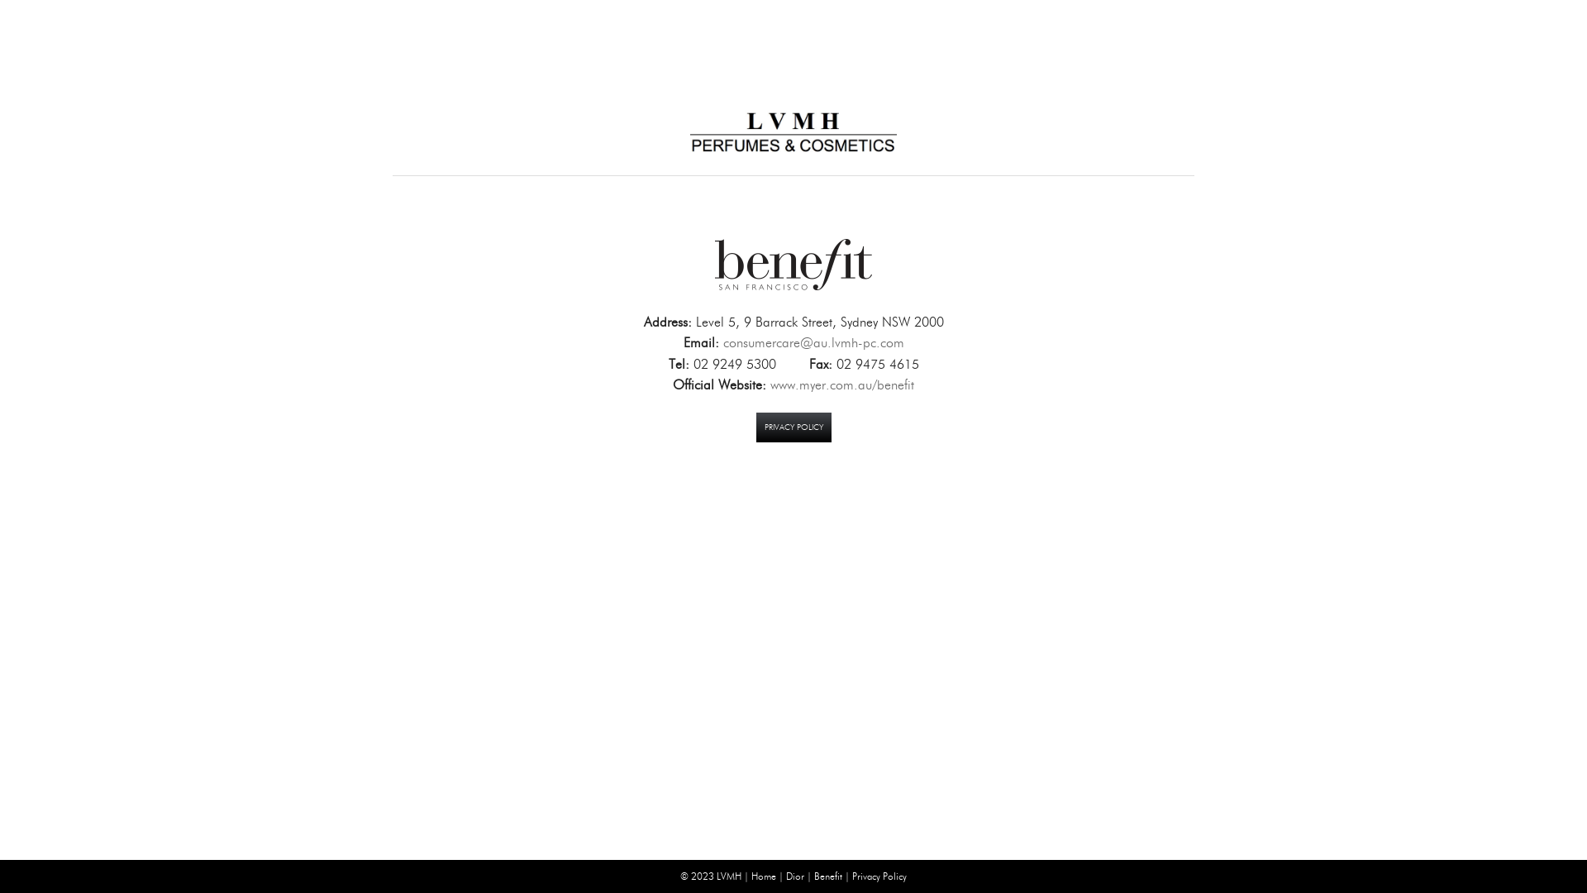 Image resolution: width=1587 pixels, height=893 pixels. What do you see at coordinates (710, 264) in the screenshot?
I see `'Benefit'` at bounding box center [710, 264].